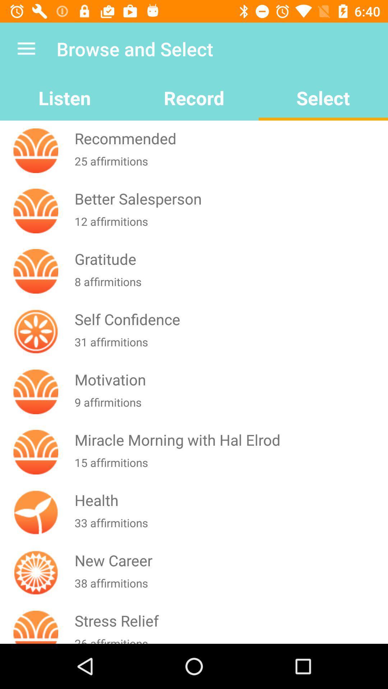 This screenshot has height=689, width=388. I want to click on 9 affirmitions, so click(230, 407).